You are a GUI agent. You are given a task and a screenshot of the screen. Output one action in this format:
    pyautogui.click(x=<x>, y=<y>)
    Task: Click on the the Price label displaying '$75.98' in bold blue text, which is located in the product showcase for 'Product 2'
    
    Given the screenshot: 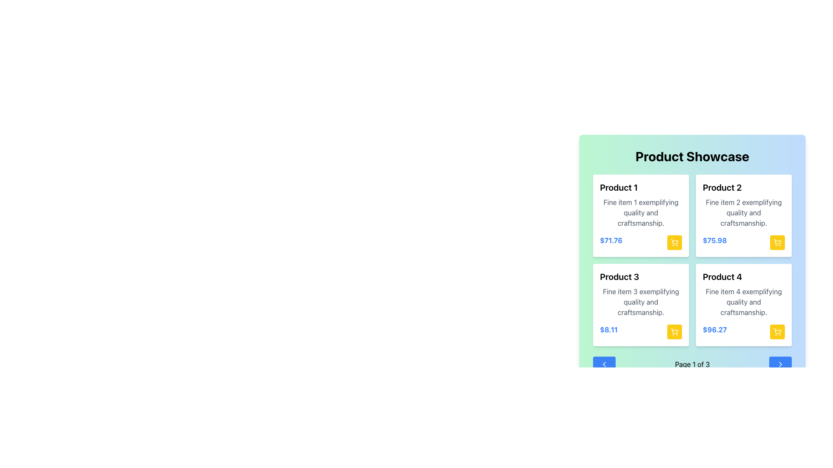 What is the action you would take?
    pyautogui.click(x=715, y=242)
    